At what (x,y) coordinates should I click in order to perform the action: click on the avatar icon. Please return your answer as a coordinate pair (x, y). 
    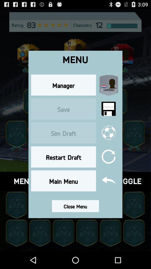
    Looking at the image, I should click on (134, 248).